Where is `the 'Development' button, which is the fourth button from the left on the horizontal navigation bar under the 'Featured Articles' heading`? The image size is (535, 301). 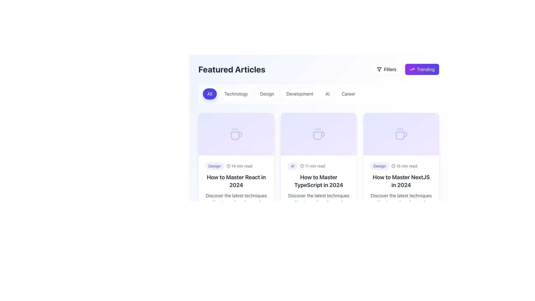 the 'Development' button, which is the fourth button from the left on the horizontal navigation bar under the 'Featured Articles' heading is located at coordinates (299, 93).